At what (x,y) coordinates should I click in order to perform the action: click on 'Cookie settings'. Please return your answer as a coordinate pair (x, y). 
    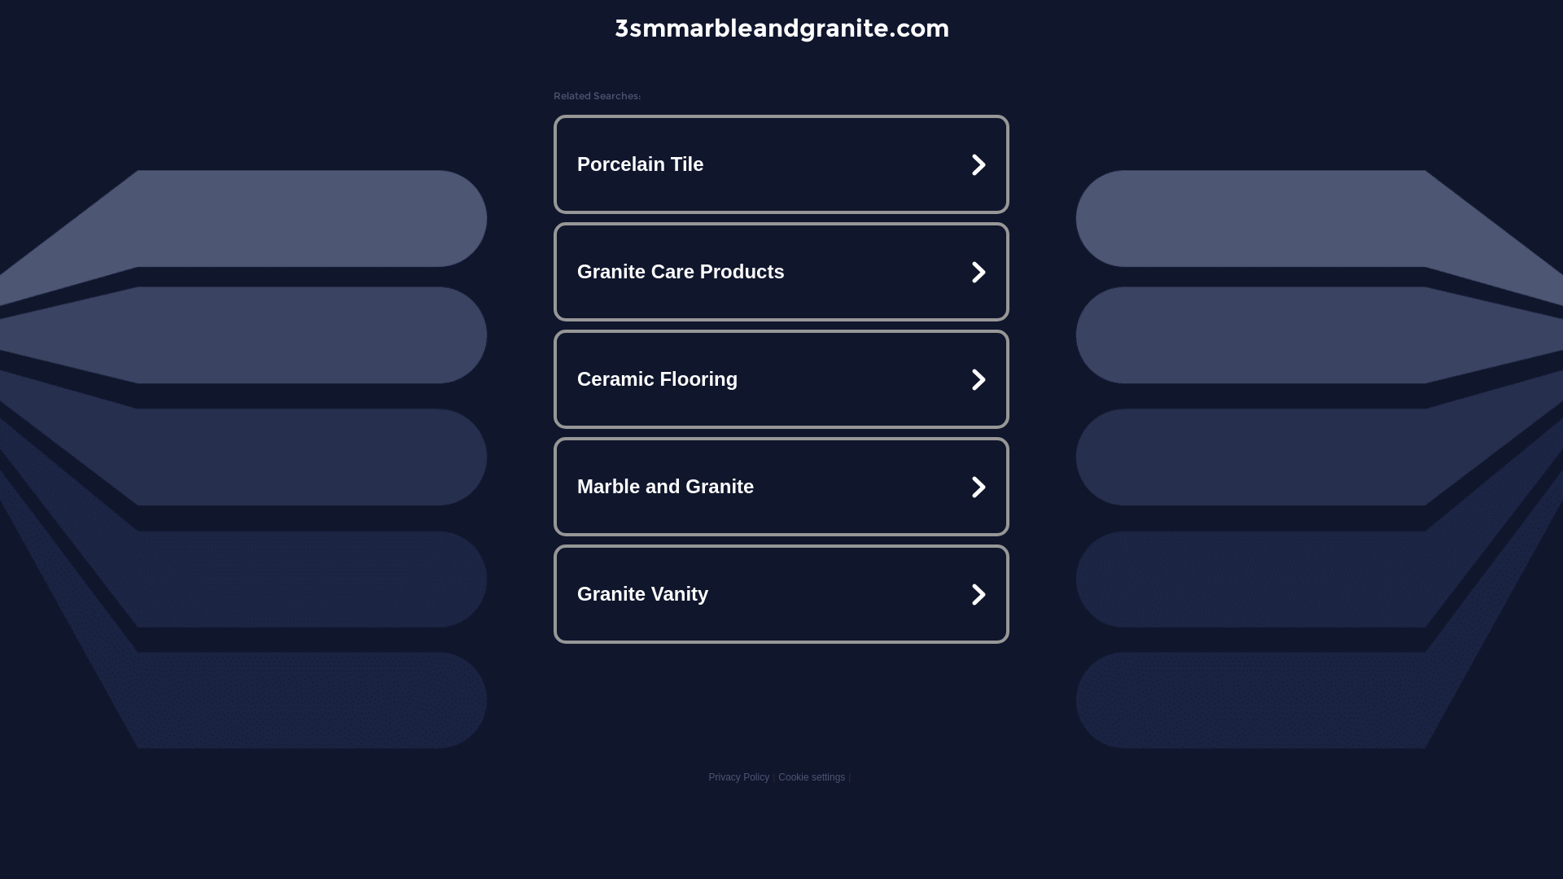
    Looking at the image, I should click on (812, 776).